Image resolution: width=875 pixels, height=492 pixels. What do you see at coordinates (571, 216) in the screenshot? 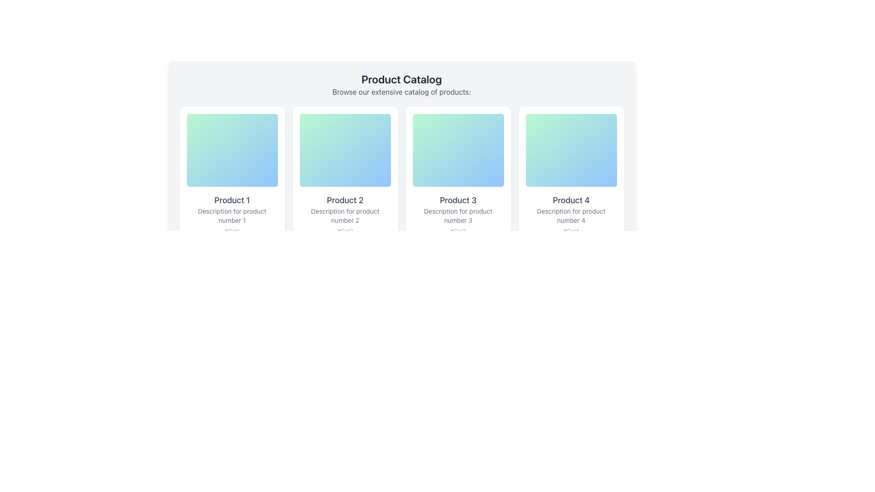
I see `the text label that provides a brief description of 'Product 4', located below the title and above the smaller gray text '#Cat4'` at bounding box center [571, 216].